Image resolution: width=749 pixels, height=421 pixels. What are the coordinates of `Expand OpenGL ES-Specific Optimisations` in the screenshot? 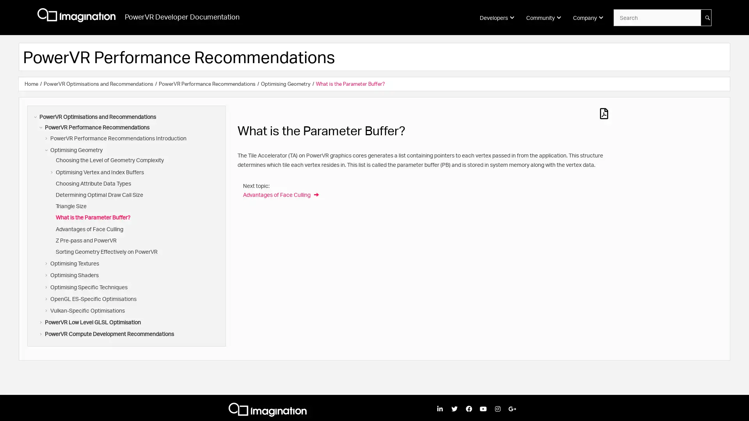 It's located at (46, 298).